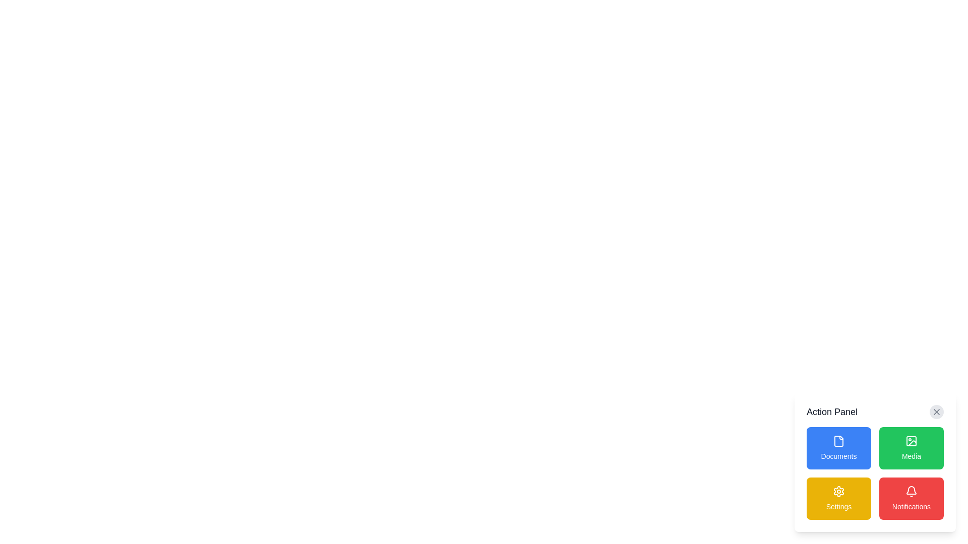  What do you see at coordinates (839, 499) in the screenshot?
I see `the 'Settings' button, which is a yellow rectangular button with rounded corners and a gear icon at the top` at bounding box center [839, 499].